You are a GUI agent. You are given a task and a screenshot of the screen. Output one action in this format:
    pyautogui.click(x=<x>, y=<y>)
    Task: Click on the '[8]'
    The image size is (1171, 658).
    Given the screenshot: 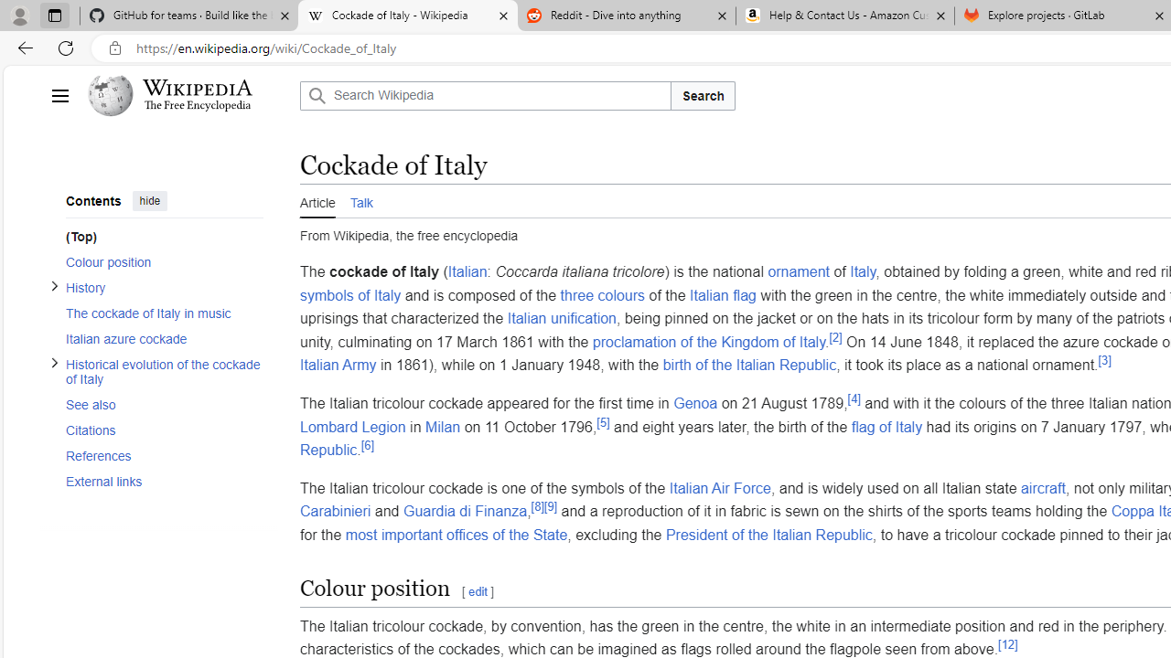 What is the action you would take?
    pyautogui.click(x=536, y=507)
    